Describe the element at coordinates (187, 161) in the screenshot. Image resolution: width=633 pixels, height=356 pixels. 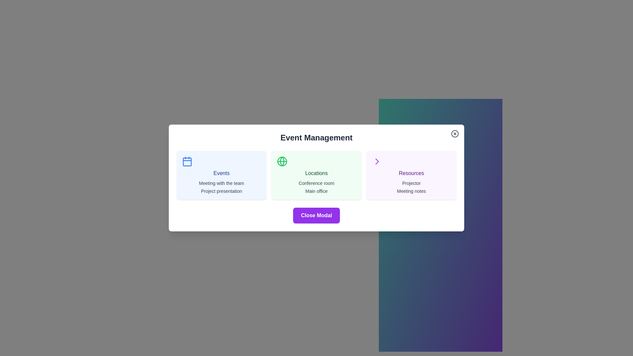
I see `the blue calendar icon located at the top-left corner within the 'Events' card in the 'Event Management' modal dialog` at that location.